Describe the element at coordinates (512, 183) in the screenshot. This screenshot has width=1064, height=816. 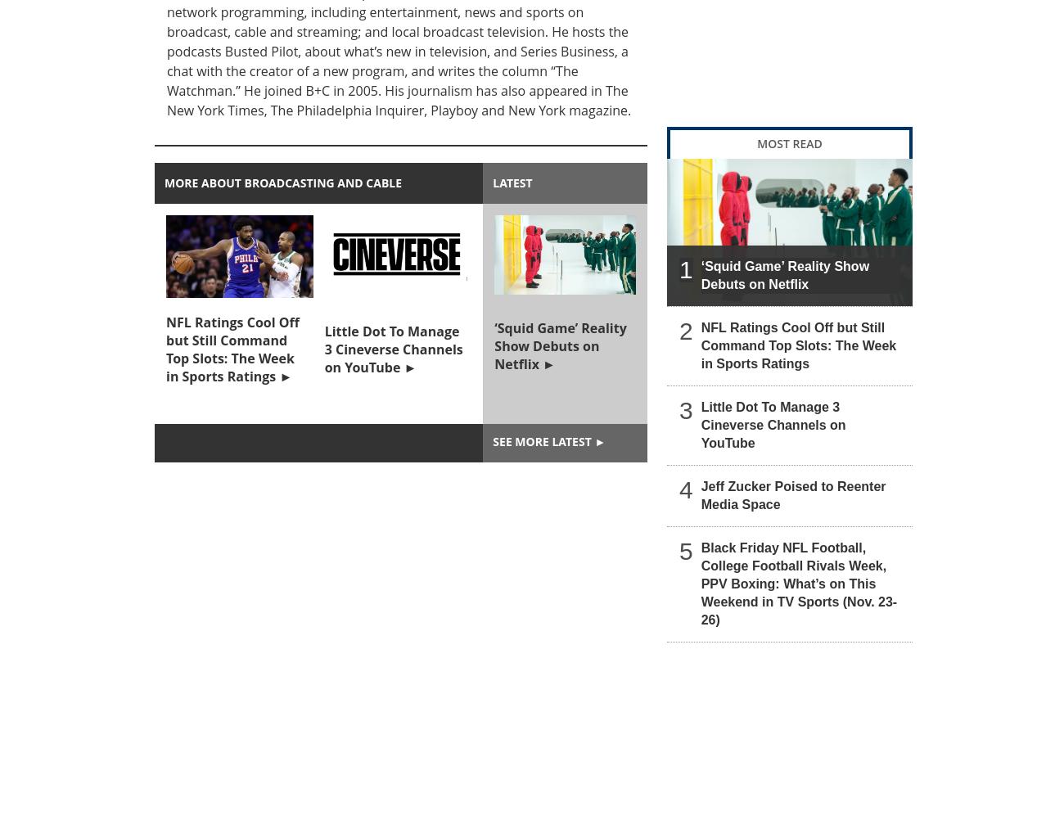
I see `'Latest'` at that location.